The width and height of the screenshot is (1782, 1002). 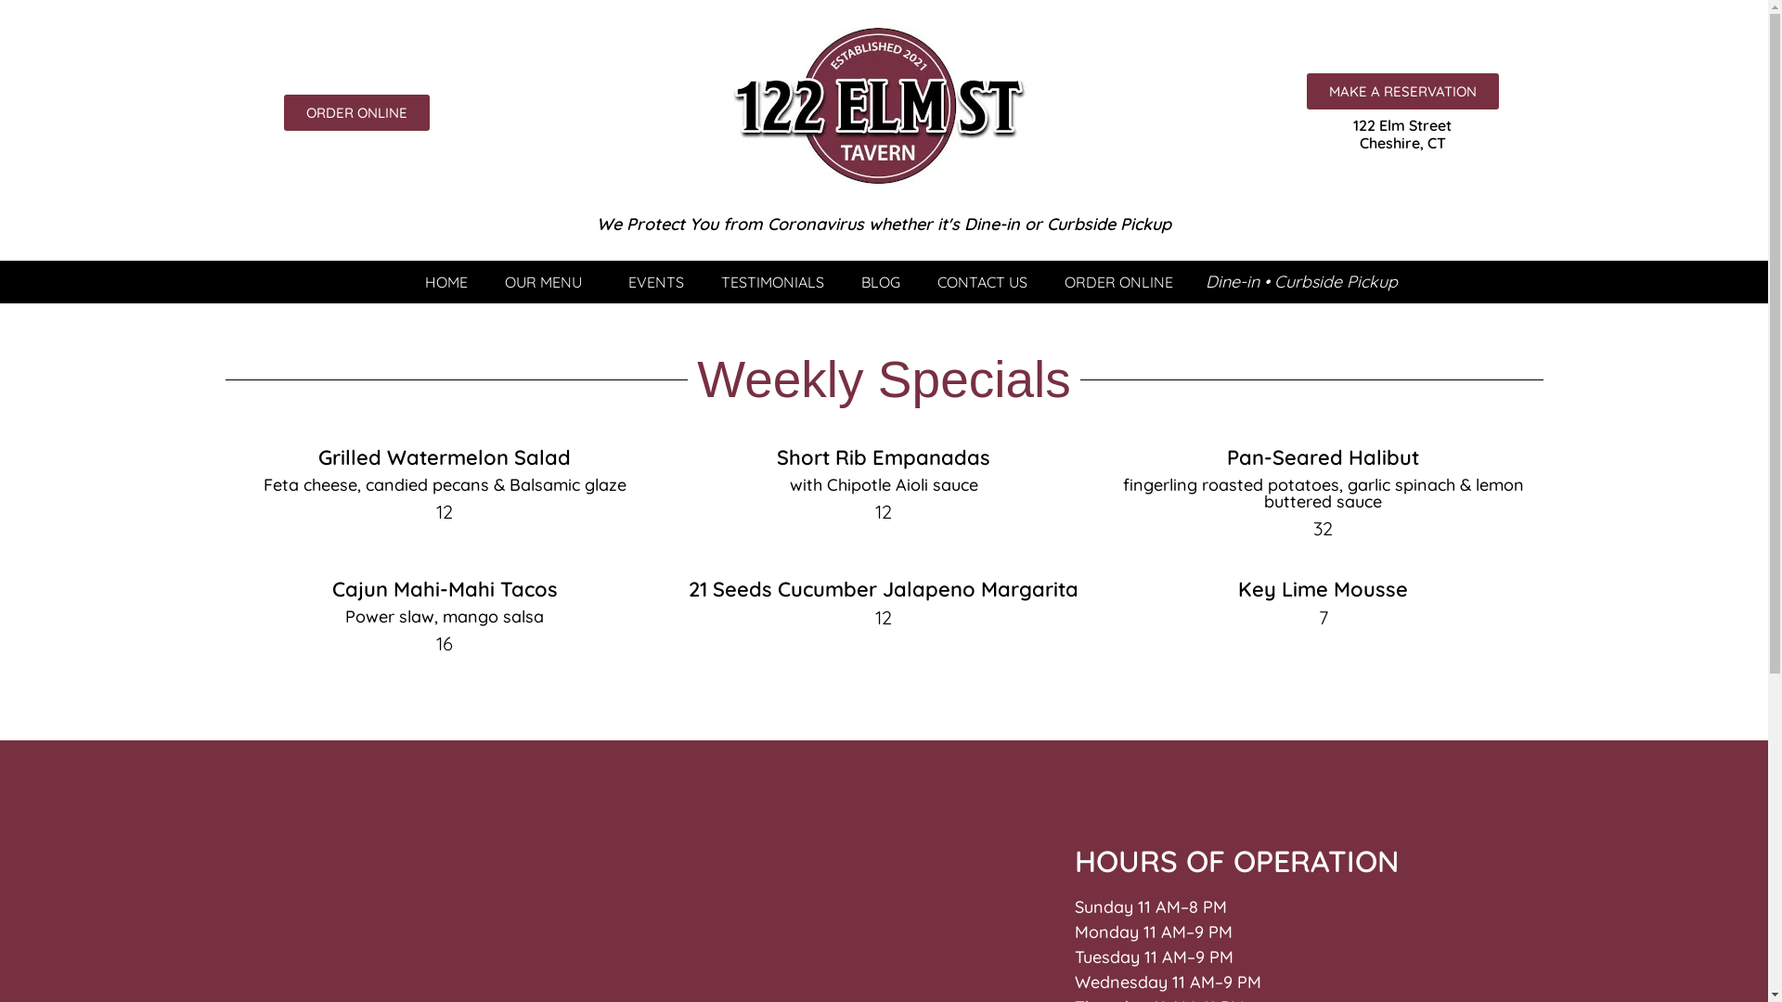 I want to click on 'BLOG', so click(x=880, y=282).